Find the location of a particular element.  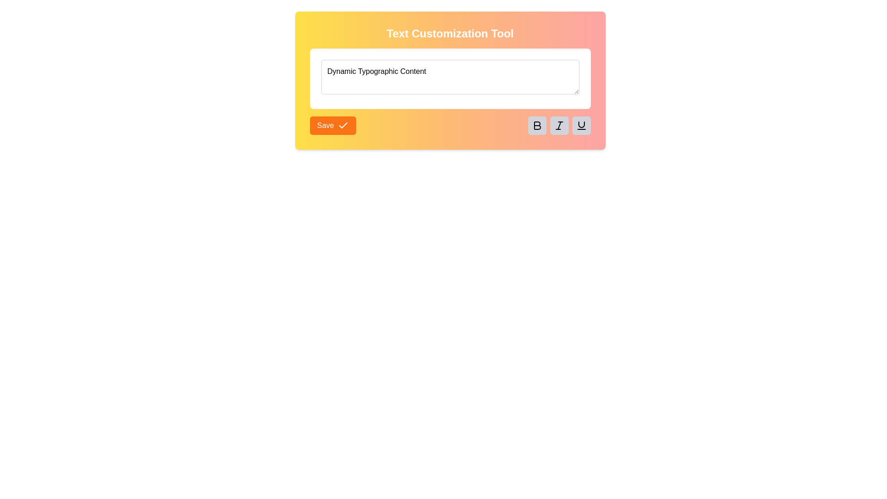

the italic button, which is the middle button in the bottom-right section of the panel is located at coordinates (559, 126).